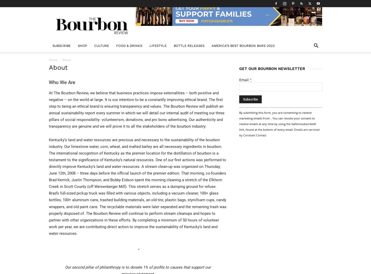 This screenshot has height=274, width=371. I want to click on 'Kentucky’s land and water resources are precious and necessary to the sustainability of the bourbon industry. Our limestone water, corn, wheat, and malted barley are all necessary ingredients in bourbon. The international recognition of Kentucky as the premier location for the distillation of bourbon is a testament to the significance of Kentucky’s natural resources. One of our first actions was performed to directly improve Kentucky’s land and water resources. A stream clean-up was organized on Thursday, June 12th, 2008 – three days before the official launch of the premier edition. That morning, co-founders Brad Kerrick, Justin Thompson, and Bobby Eidson spent the morning cleaning a stretch of the Elkhorn Creek in Scott County (off Weisenberger Mill). This stretch serves as a dumping ground for refuse. Brad’s full-sized pickup truck was filled with various objects, including a vacuum cleaner, 100+ glass bottles, 100+ aluminum cans, trashed building materials, an old tire, plastic bags, styrofoam cups, candy wrappers, and old paint cans. The recyclable materials were later separated and the remaining trash was properly disposed of. The Bourbon Review will continue to perform stream cleanups and hopes to partner with other organizations in these efforts. By completing a minimum of 50 hours of volunteer work per year, we are contributing direct action to improve the sustainability of Kentucky’s land and water resources.', so click(137, 186).